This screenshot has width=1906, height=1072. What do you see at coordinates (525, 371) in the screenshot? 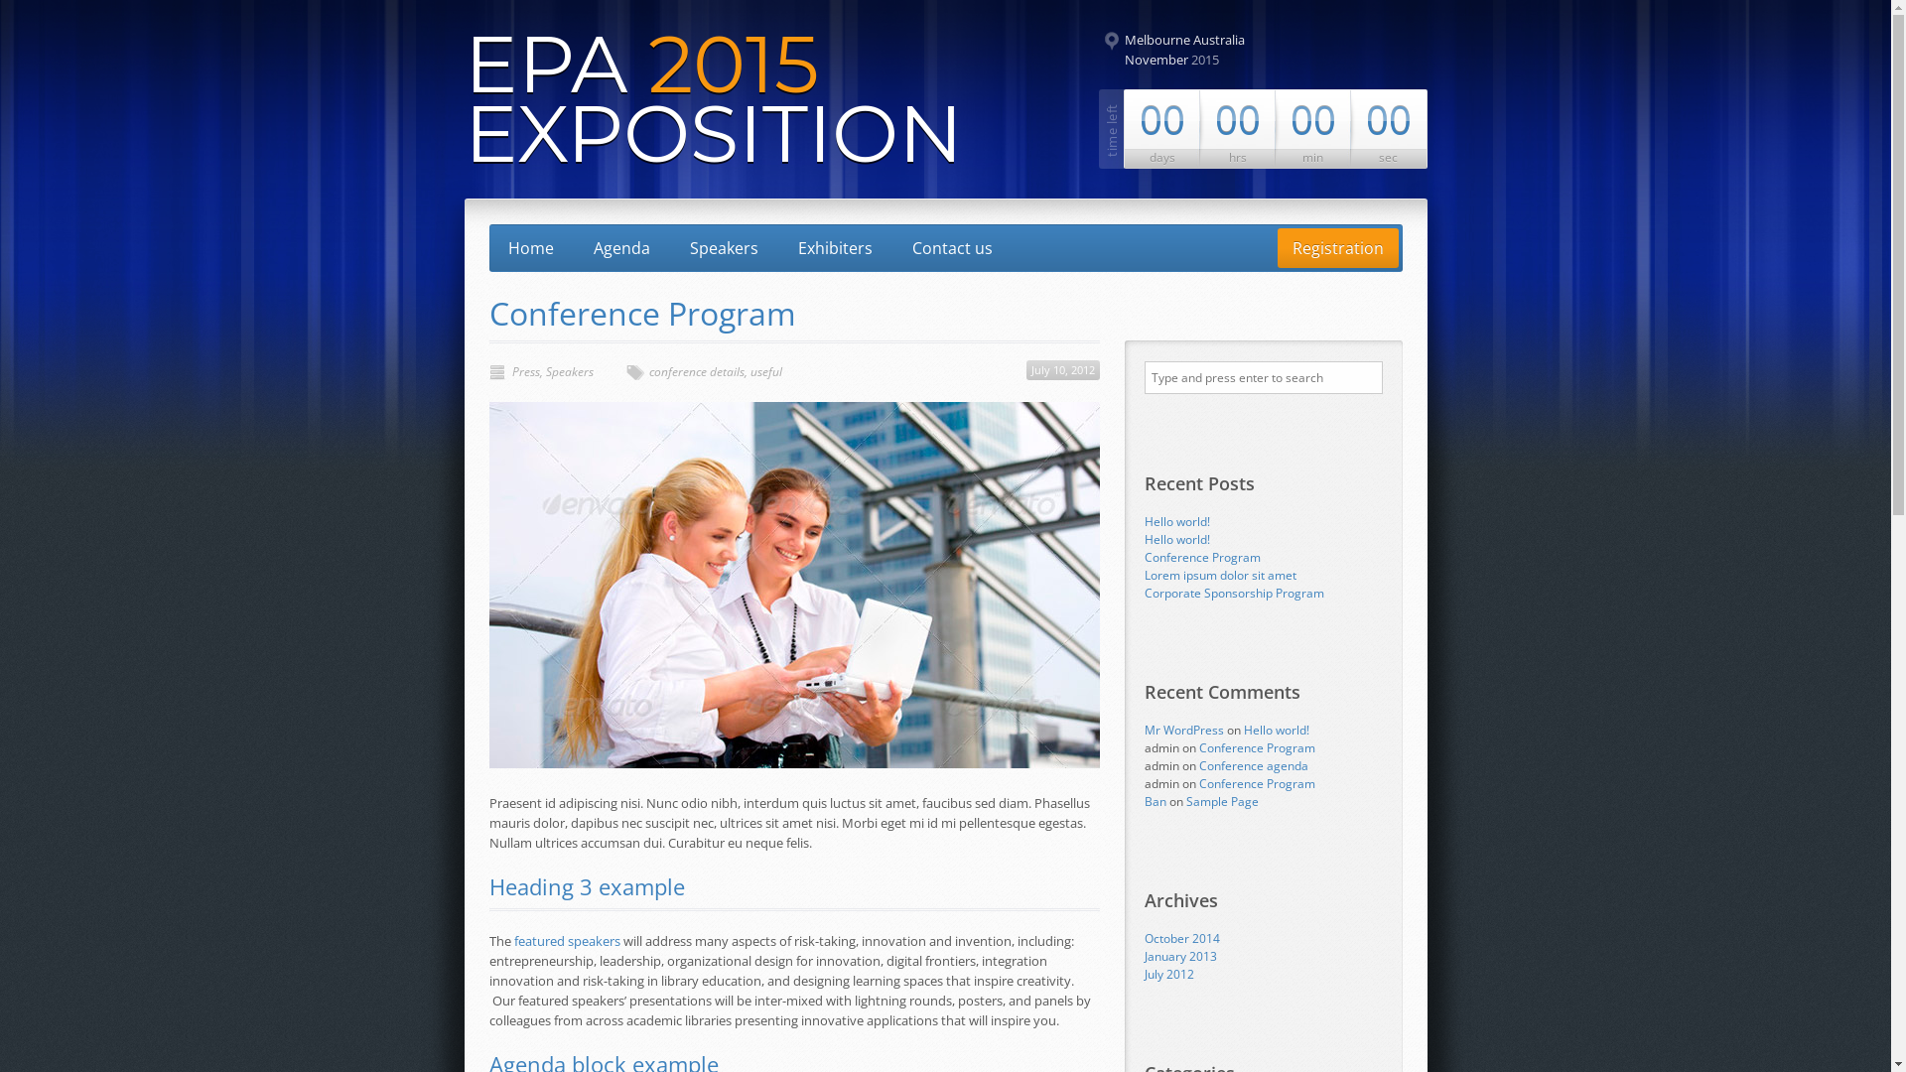
I see `'Press'` at bounding box center [525, 371].